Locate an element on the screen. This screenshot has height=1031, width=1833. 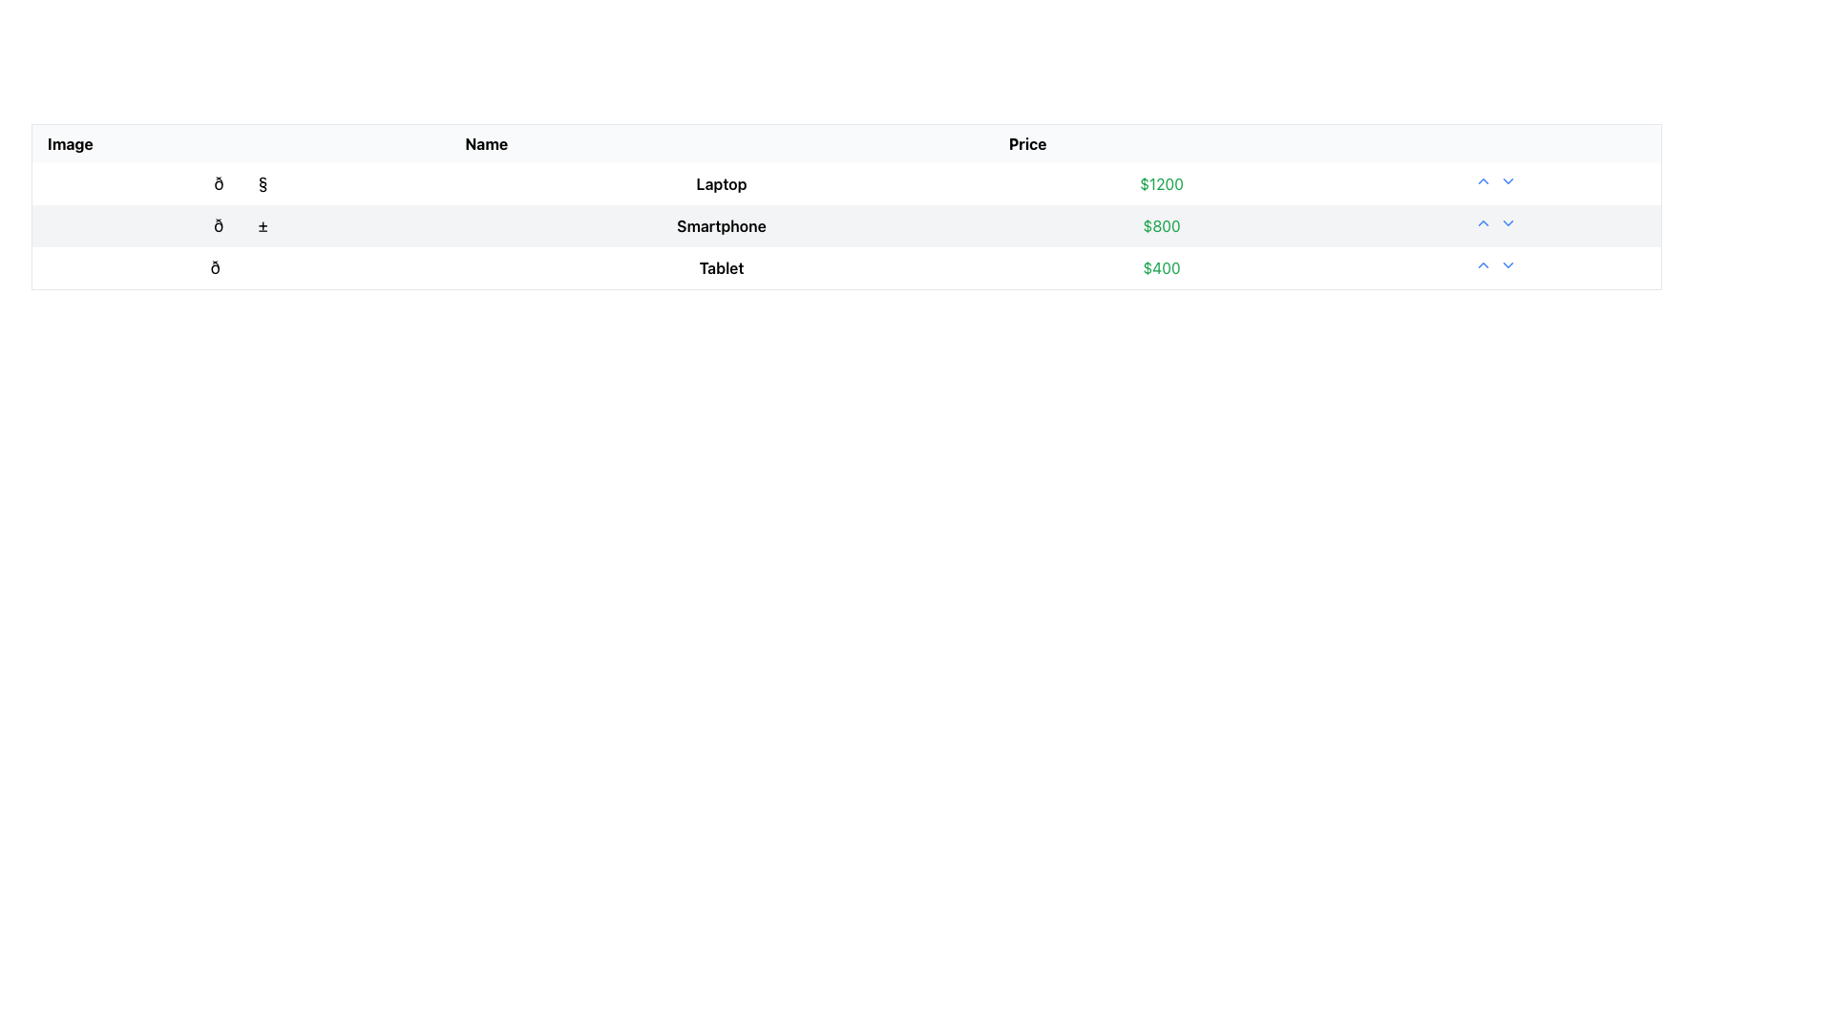
the upvote button located immediately to the right of the '$1200' cell in the 'Price' column of the first row of the table is located at coordinates (1482, 180).